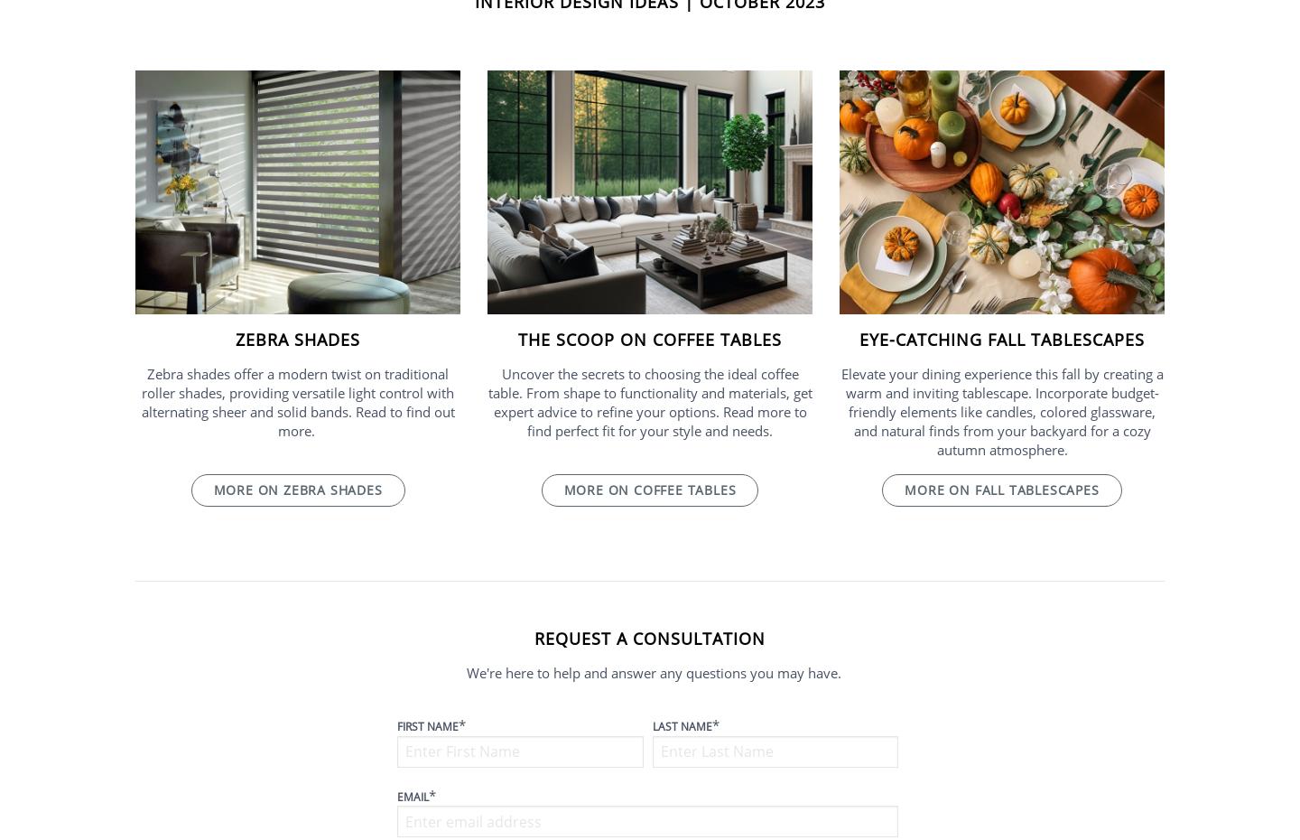  What do you see at coordinates (533, 637) in the screenshot?
I see `'Request a Consultation'` at bounding box center [533, 637].